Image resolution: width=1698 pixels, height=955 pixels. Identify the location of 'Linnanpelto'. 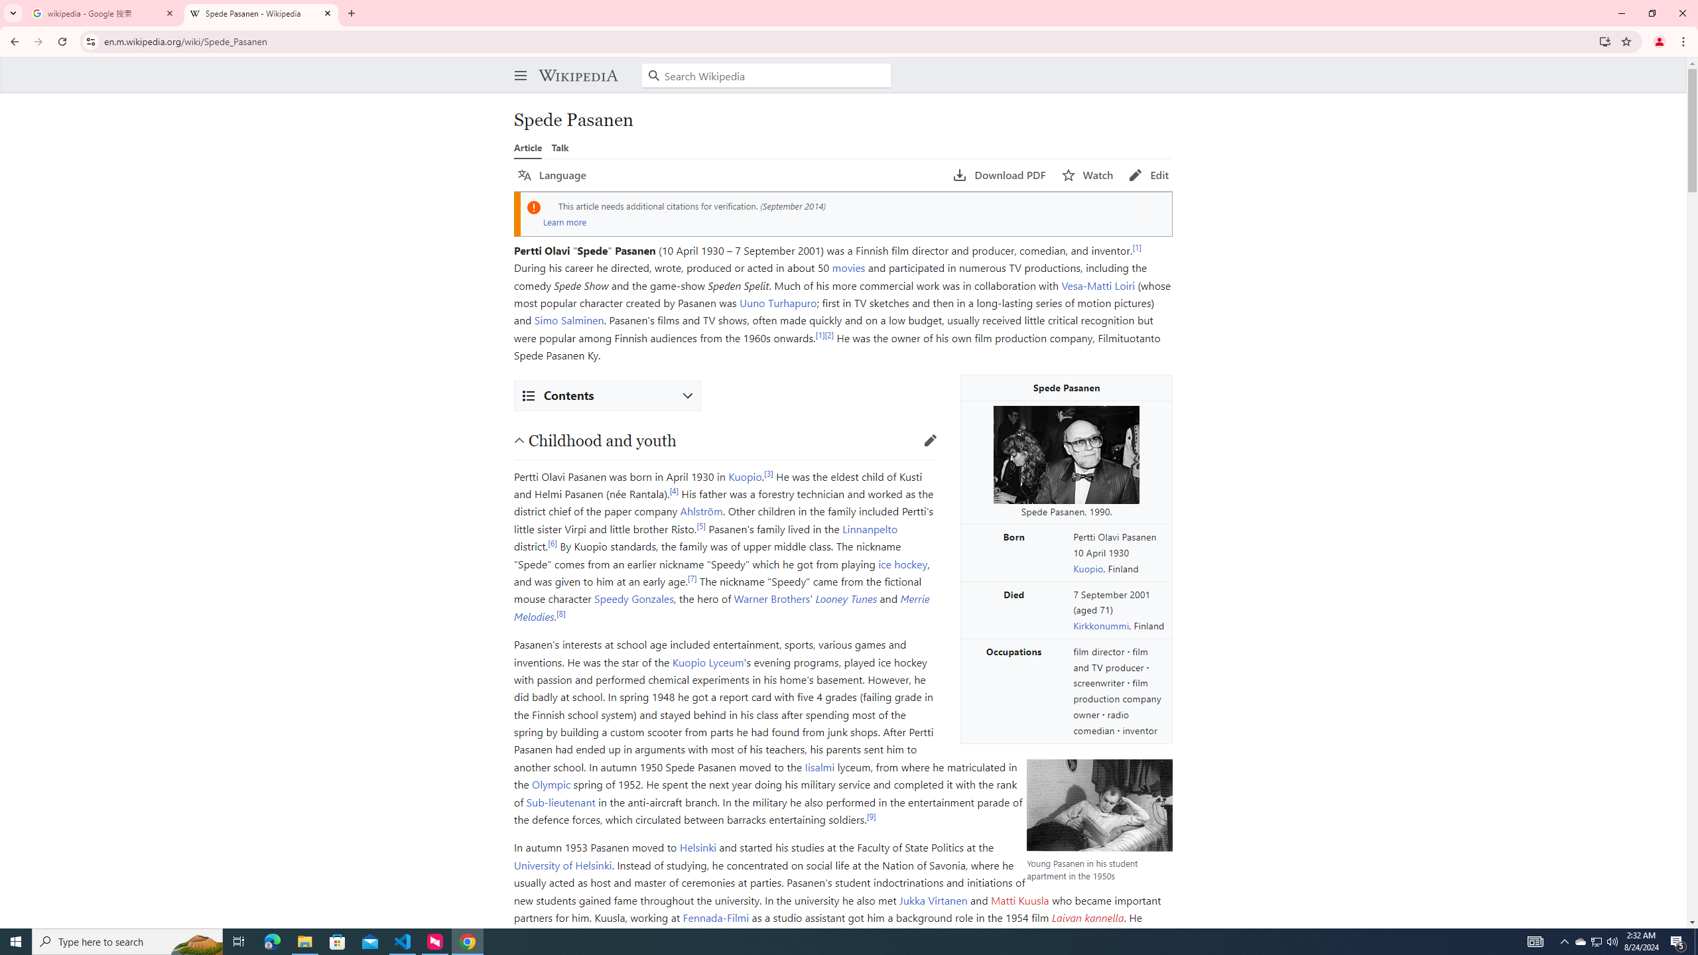
(870, 528).